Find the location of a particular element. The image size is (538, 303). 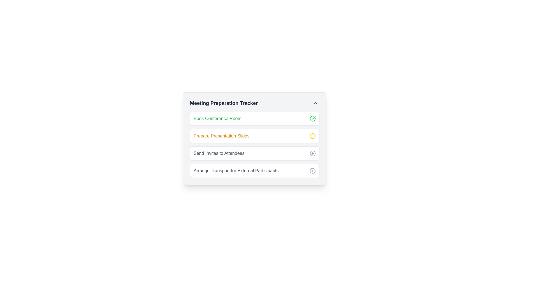

the header bar titled 'Meeting Preparation Tracker' is located at coordinates (254, 103).